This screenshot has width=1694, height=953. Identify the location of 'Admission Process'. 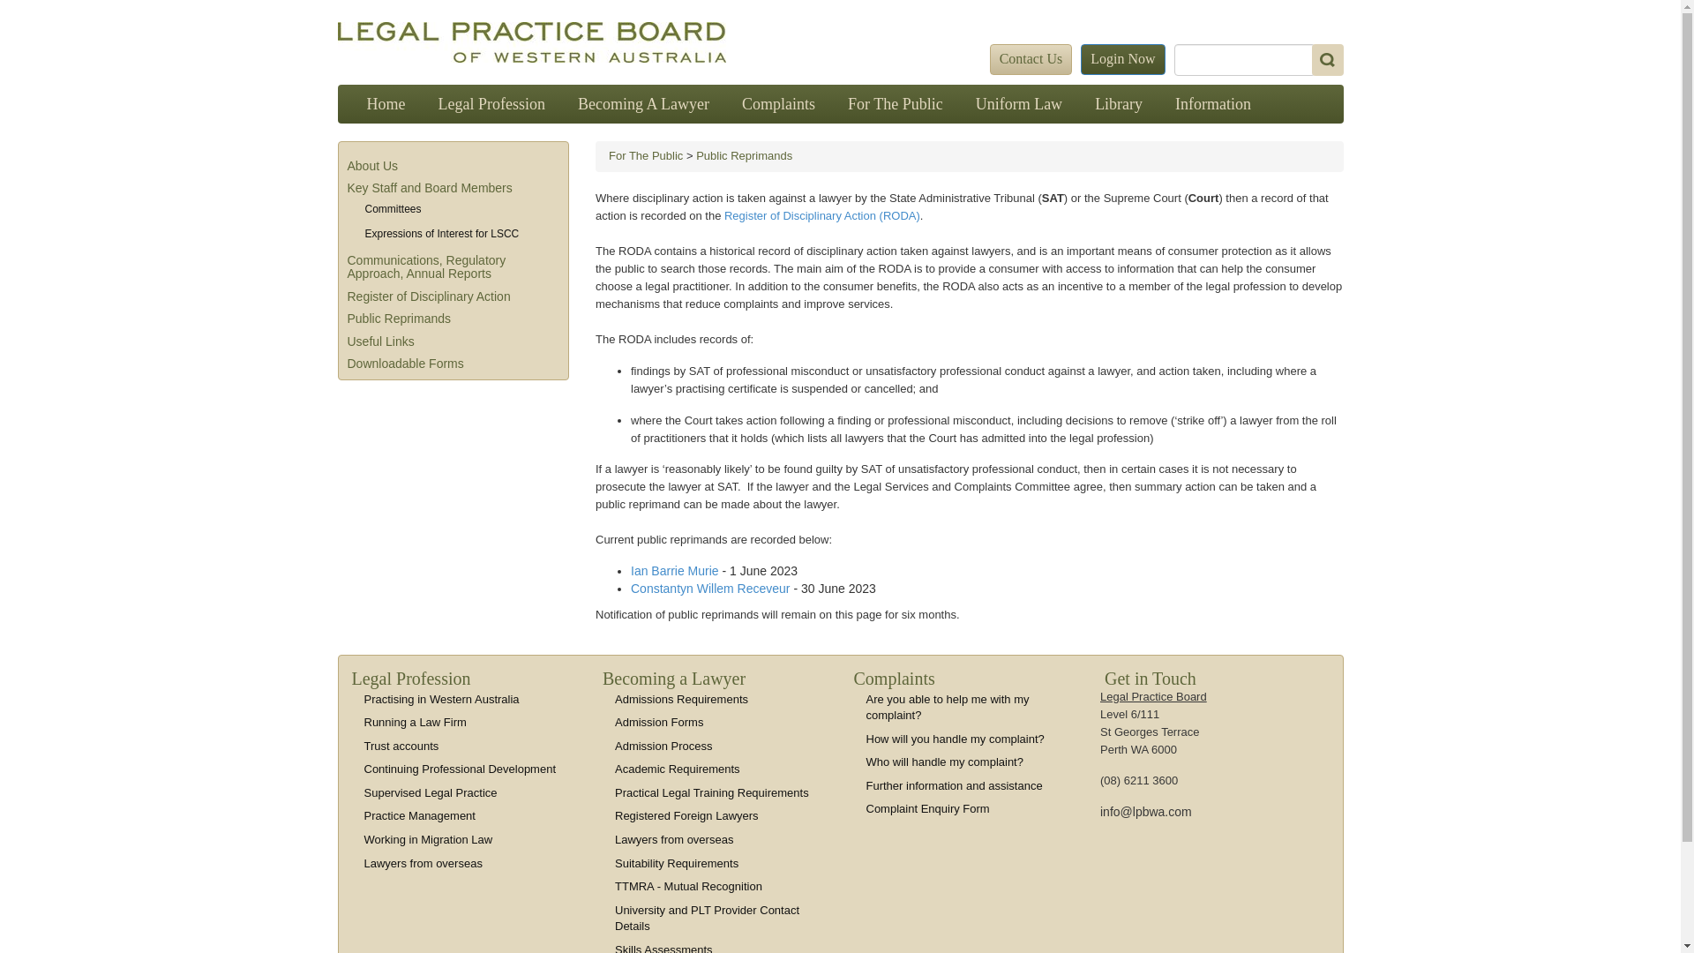
(614, 746).